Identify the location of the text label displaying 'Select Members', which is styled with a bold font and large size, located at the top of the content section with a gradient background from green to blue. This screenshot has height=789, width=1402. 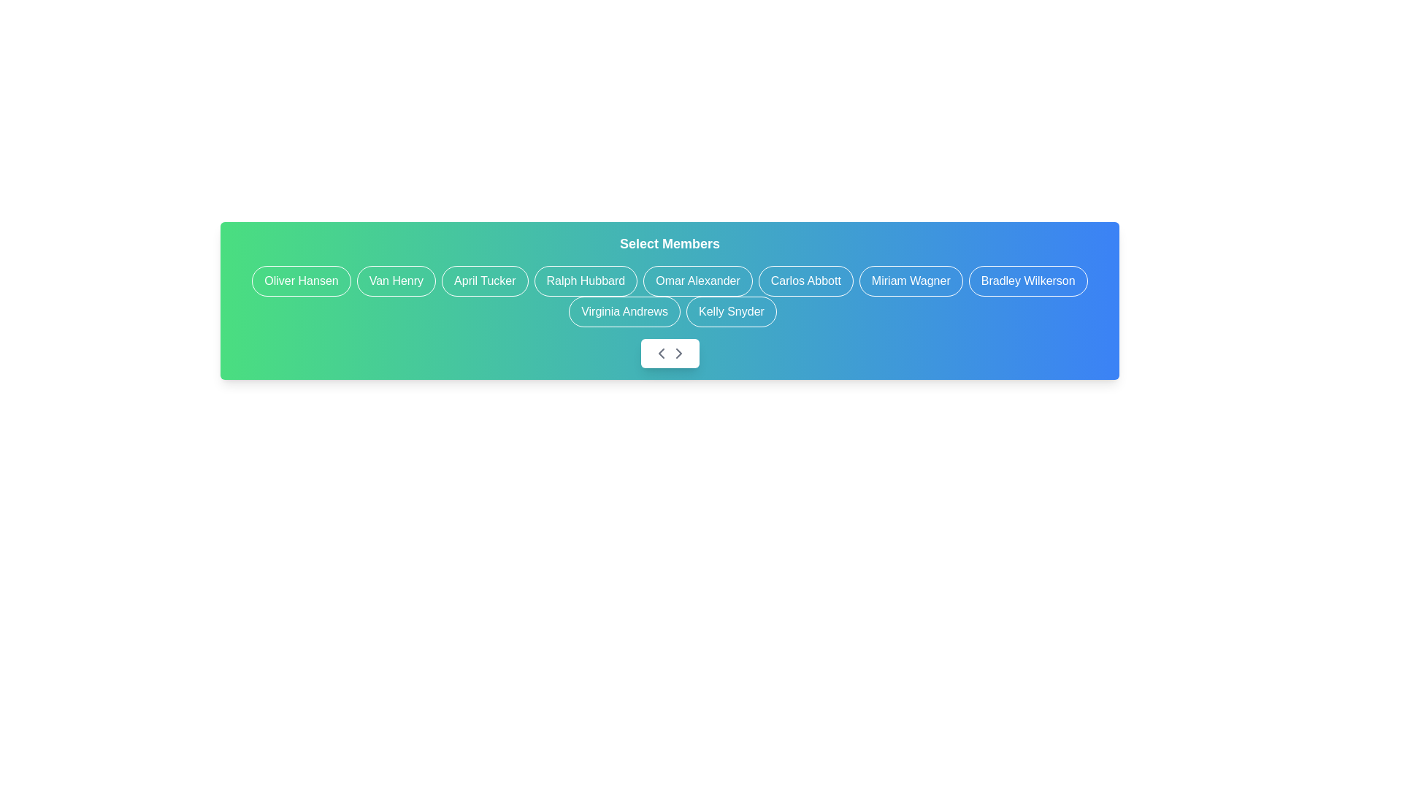
(669, 243).